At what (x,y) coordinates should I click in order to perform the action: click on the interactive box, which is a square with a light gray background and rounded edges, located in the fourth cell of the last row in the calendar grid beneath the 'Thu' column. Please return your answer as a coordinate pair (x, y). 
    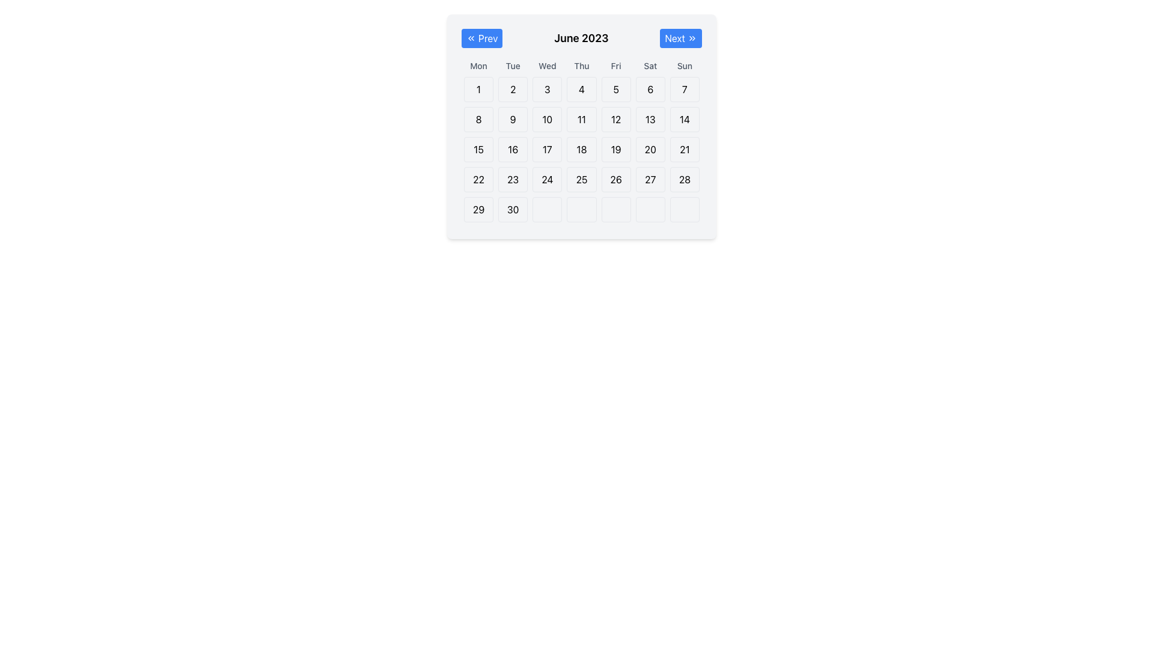
    Looking at the image, I should click on (582, 209).